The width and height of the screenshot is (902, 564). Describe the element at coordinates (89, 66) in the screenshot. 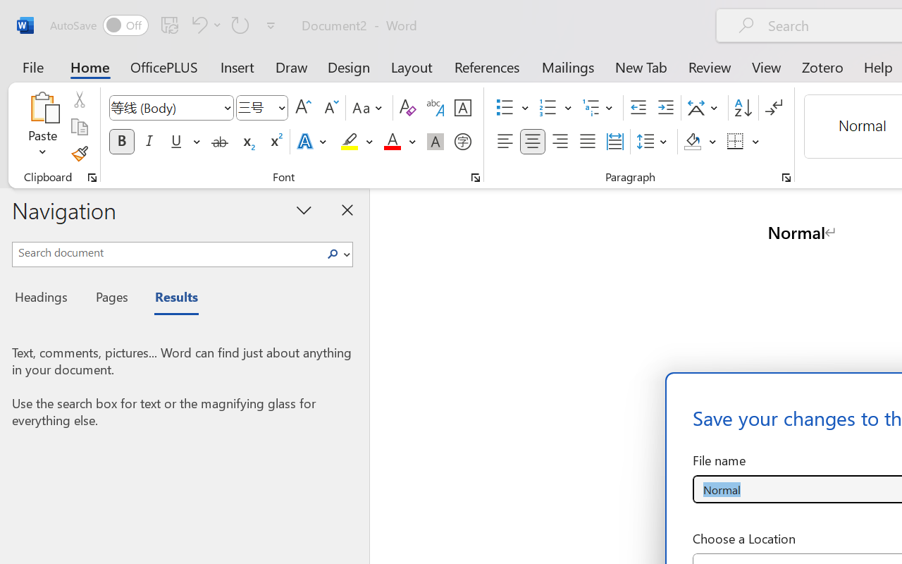

I see `'Home'` at that location.